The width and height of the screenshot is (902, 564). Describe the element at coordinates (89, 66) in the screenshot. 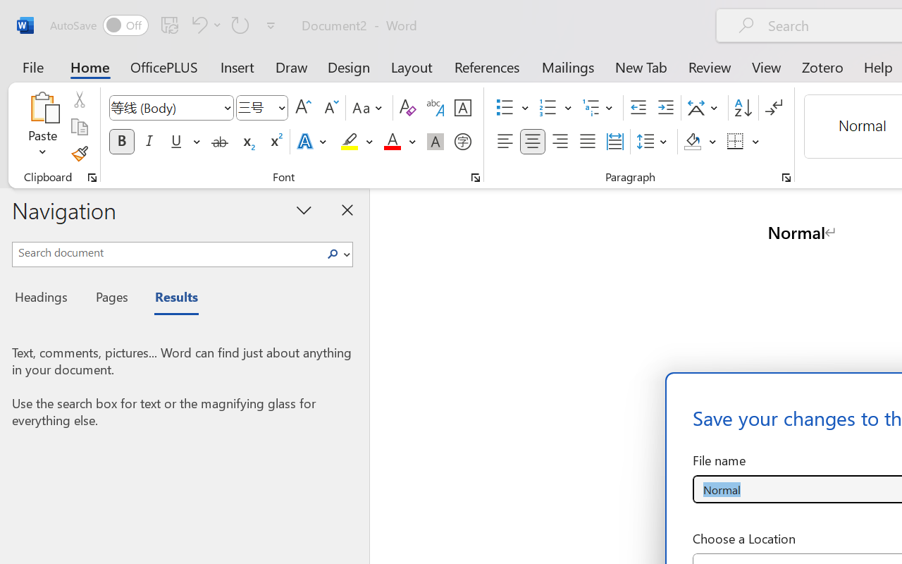

I see `'Home'` at that location.